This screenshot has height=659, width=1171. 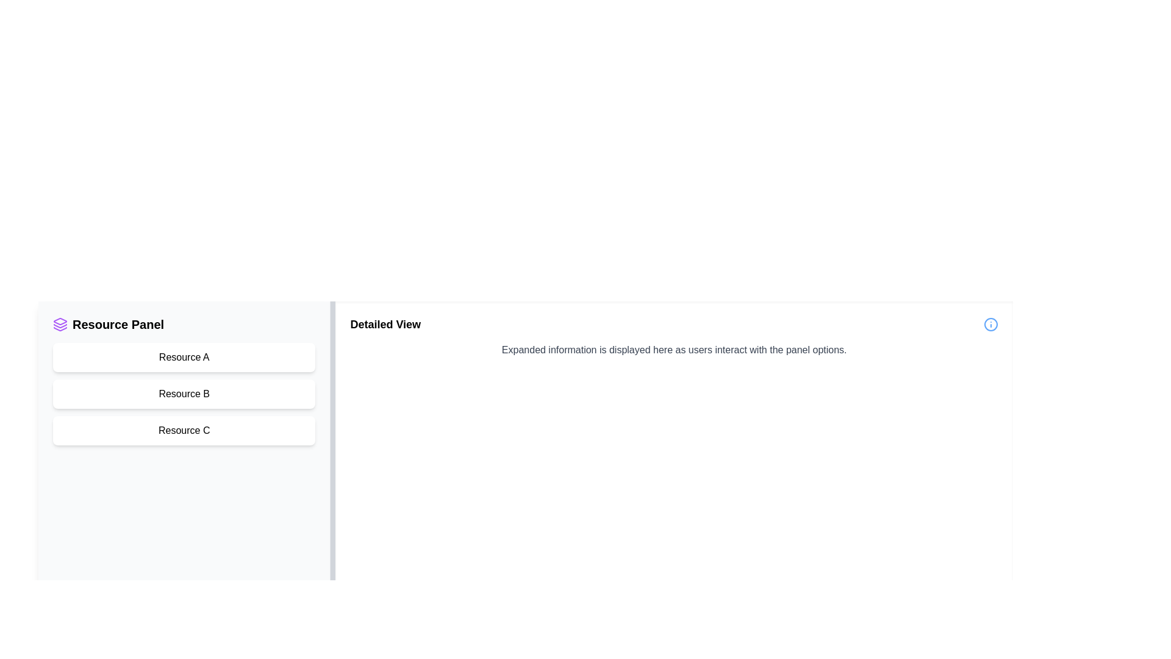 What do you see at coordinates (184, 357) in the screenshot?
I see `the first button labeled 'Resource A' in the vertically stacked list within the 'Resource Panel' sidebar` at bounding box center [184, 357].